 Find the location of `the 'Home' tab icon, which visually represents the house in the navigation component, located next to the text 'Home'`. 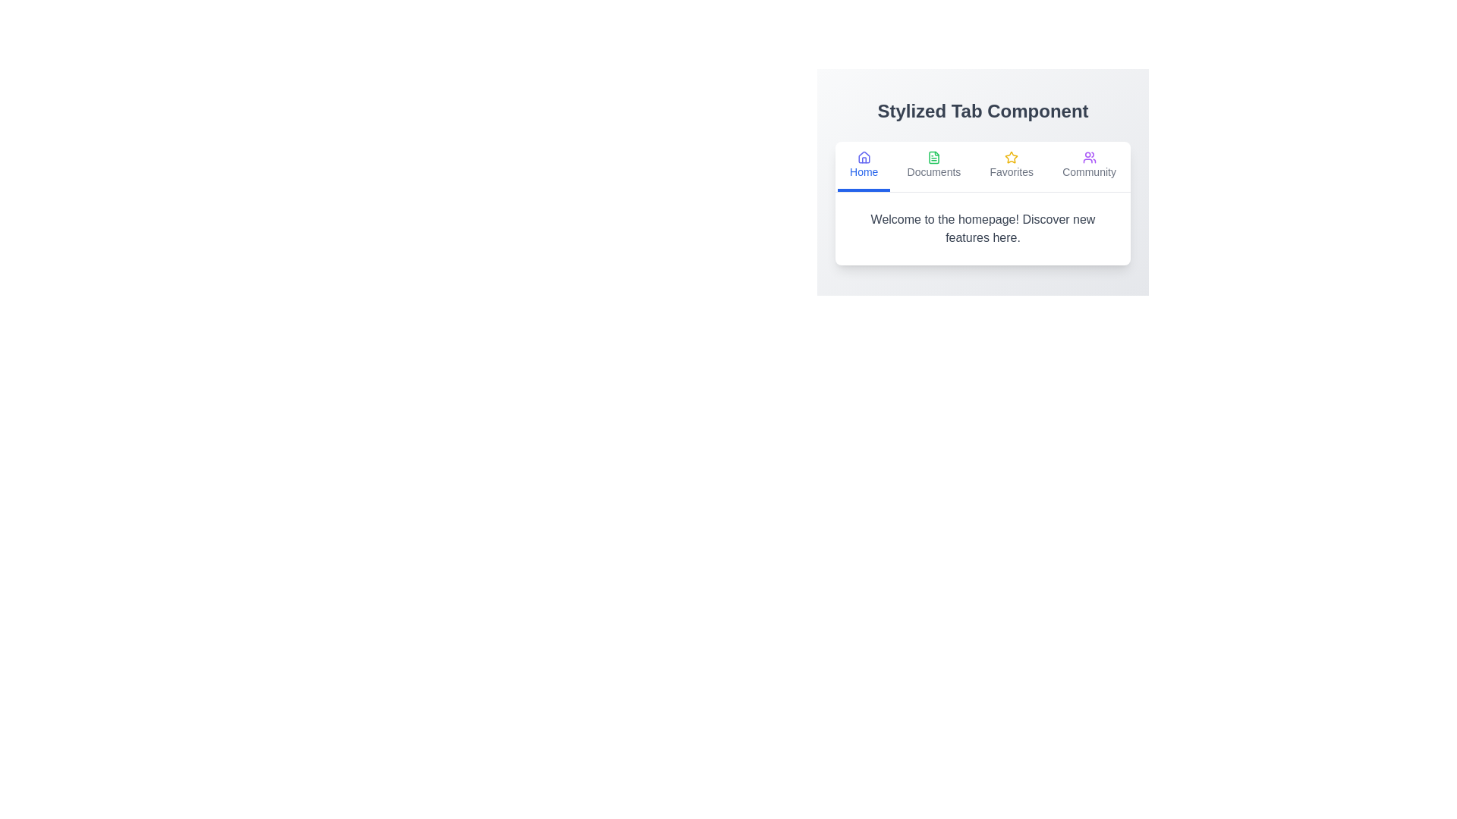

the 'Home' tab icon, which visually represents the house in the navigation component, located next to the text 'Home' is located at coordinates (864, 157).